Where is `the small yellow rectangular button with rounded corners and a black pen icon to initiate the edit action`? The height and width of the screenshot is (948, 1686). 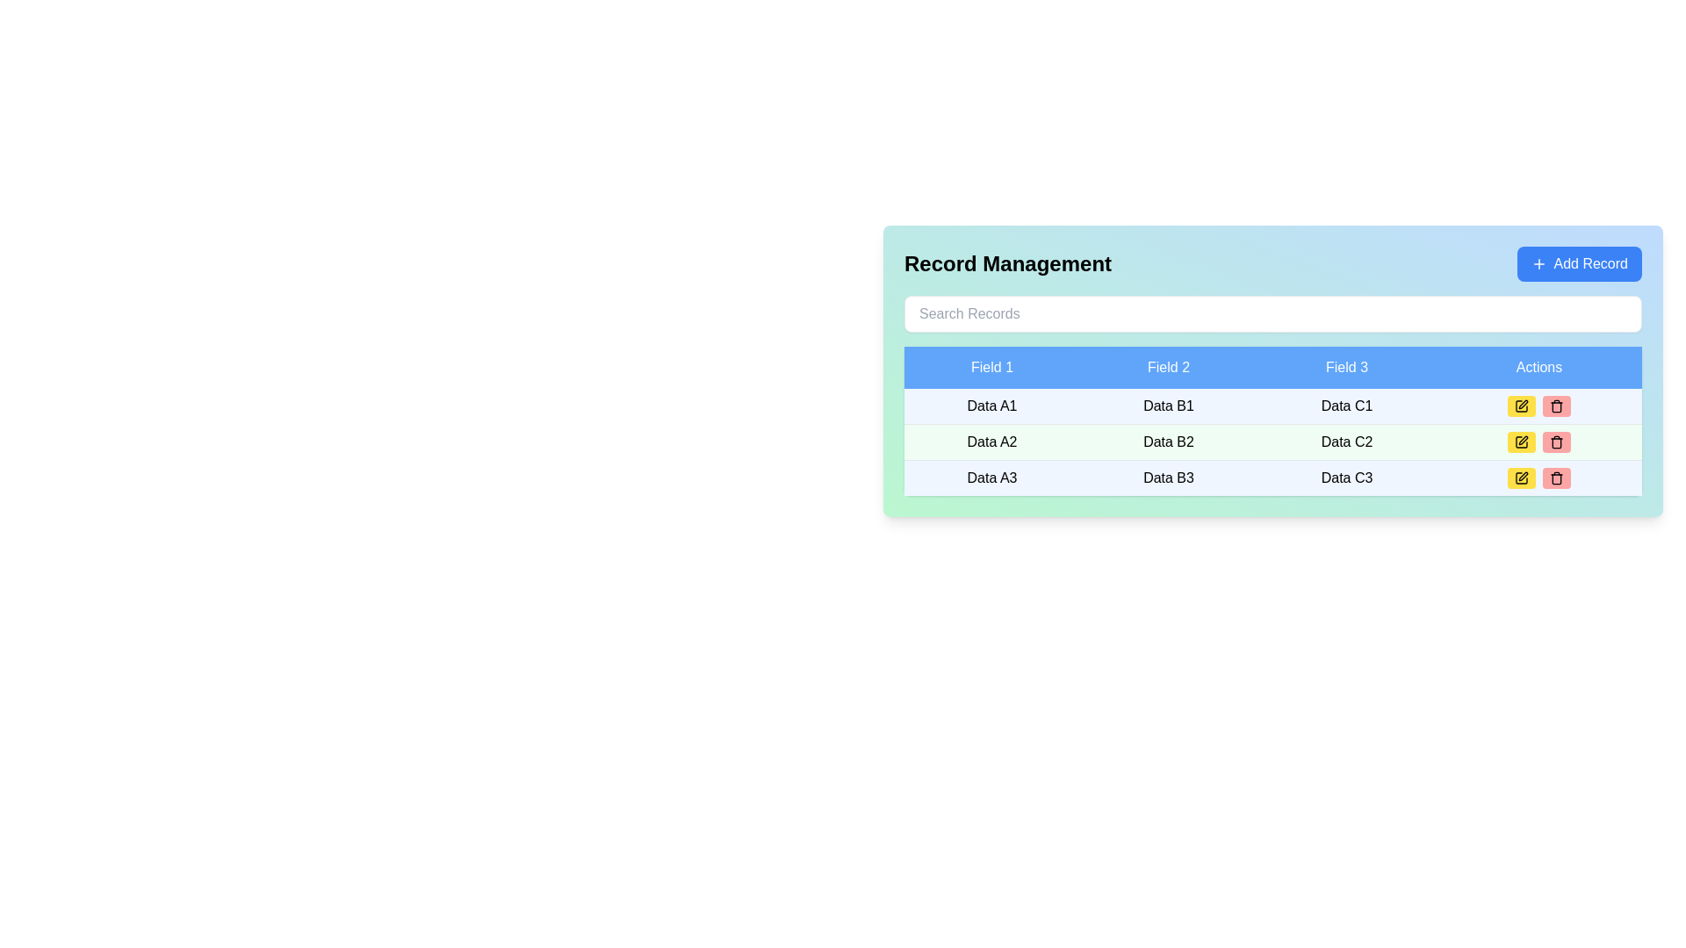
the small yellow rectangular button with rounded corners and a black pen icon to initiate the edit action is located at coordinates (1520, 406).